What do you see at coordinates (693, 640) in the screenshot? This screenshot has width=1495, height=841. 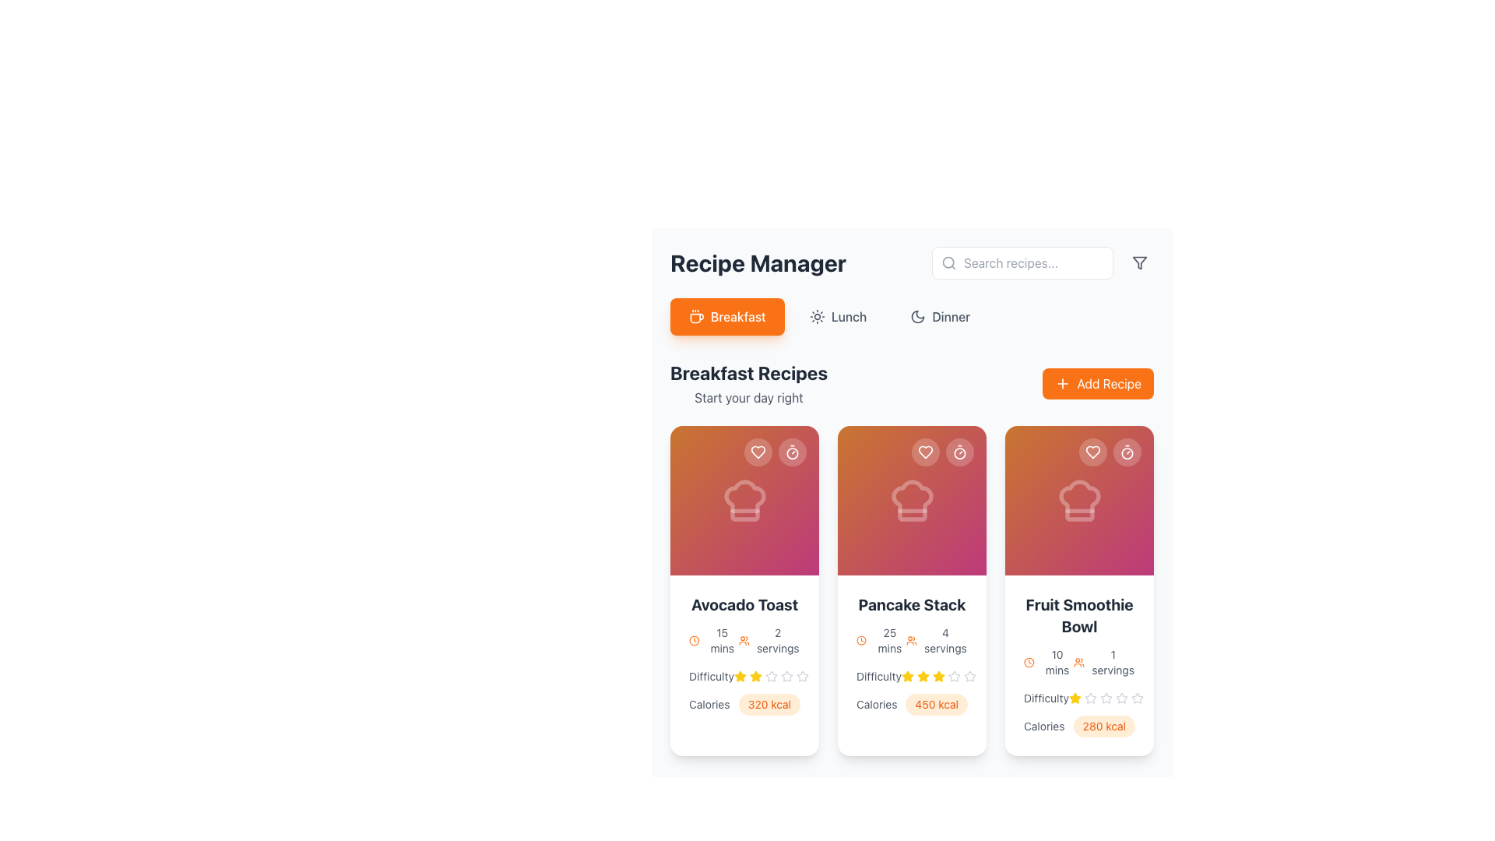 I see `the timer icon located to the left of the '15 mins' text, which serves as a visual representation of time-related information` at bounding box center [693, 640].